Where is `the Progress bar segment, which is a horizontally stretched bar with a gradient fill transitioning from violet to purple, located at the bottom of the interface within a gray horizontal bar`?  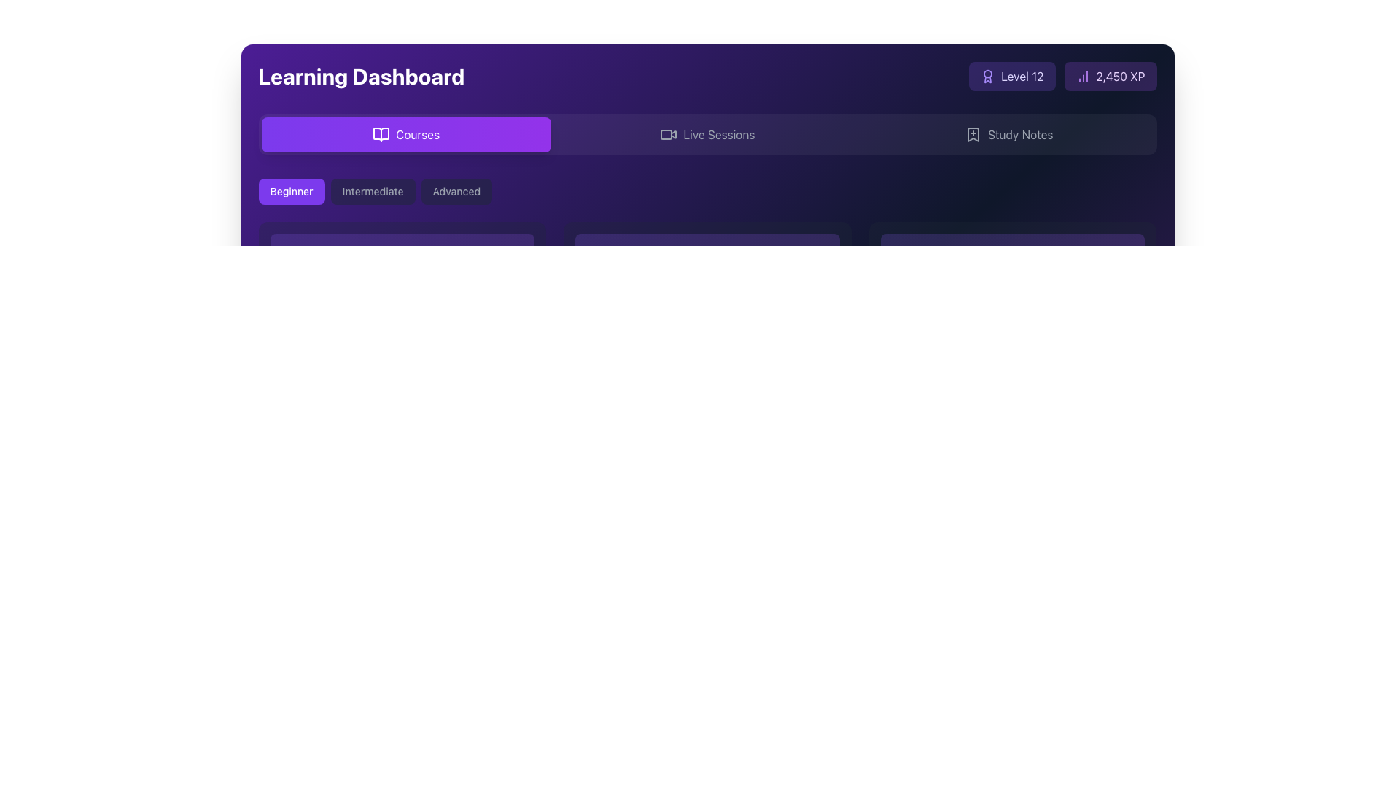 the Progress bar segment, which is a horizontally stretched bar with a gradient fill transitioning from violet to purple, located at the bottom of the interface within a gray horizontal bar is located at coordinates (349, 755).